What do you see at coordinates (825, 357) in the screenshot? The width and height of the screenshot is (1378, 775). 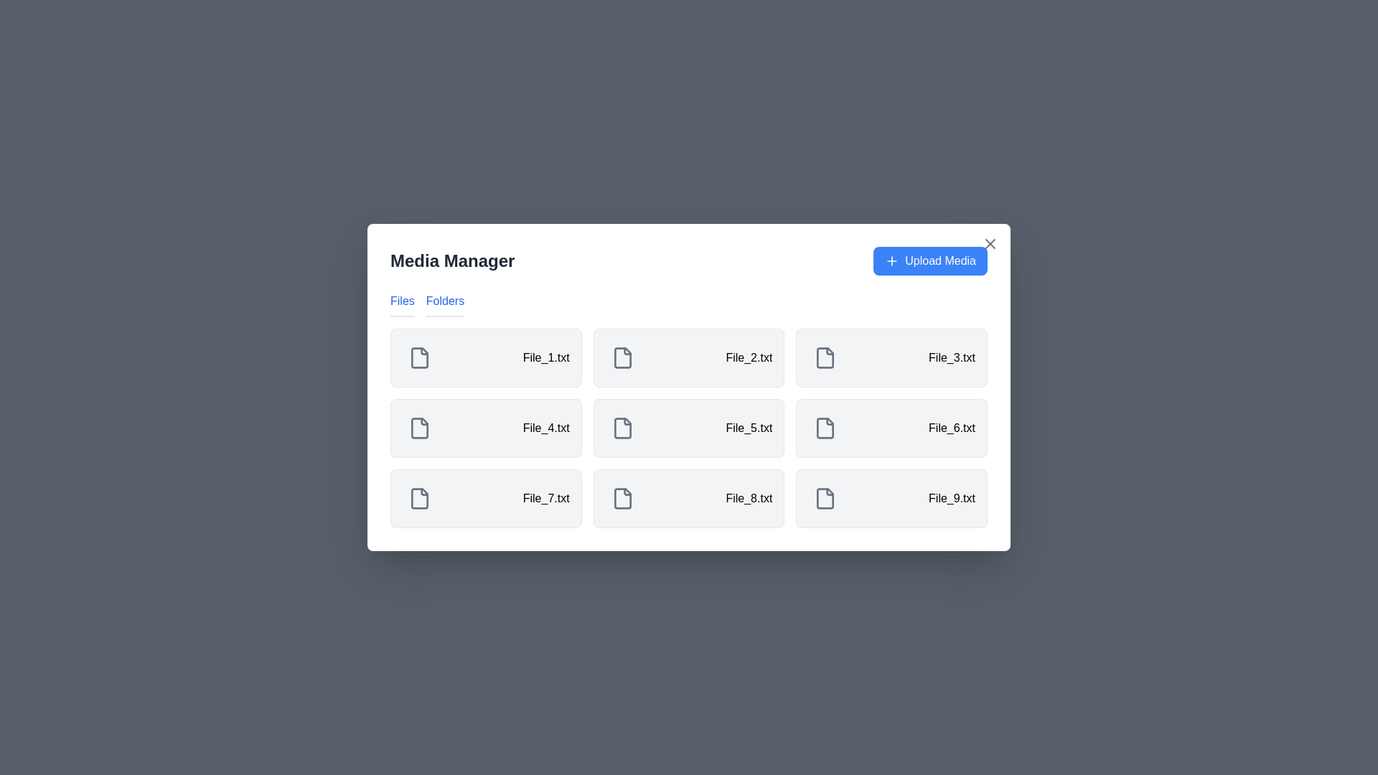 I see `the file icon representing 'File_3.txt' in the Media Manager interface, located in the top row of a 3x3 grid layout, specifically the third item from the left` at bounding box center [825, 357].